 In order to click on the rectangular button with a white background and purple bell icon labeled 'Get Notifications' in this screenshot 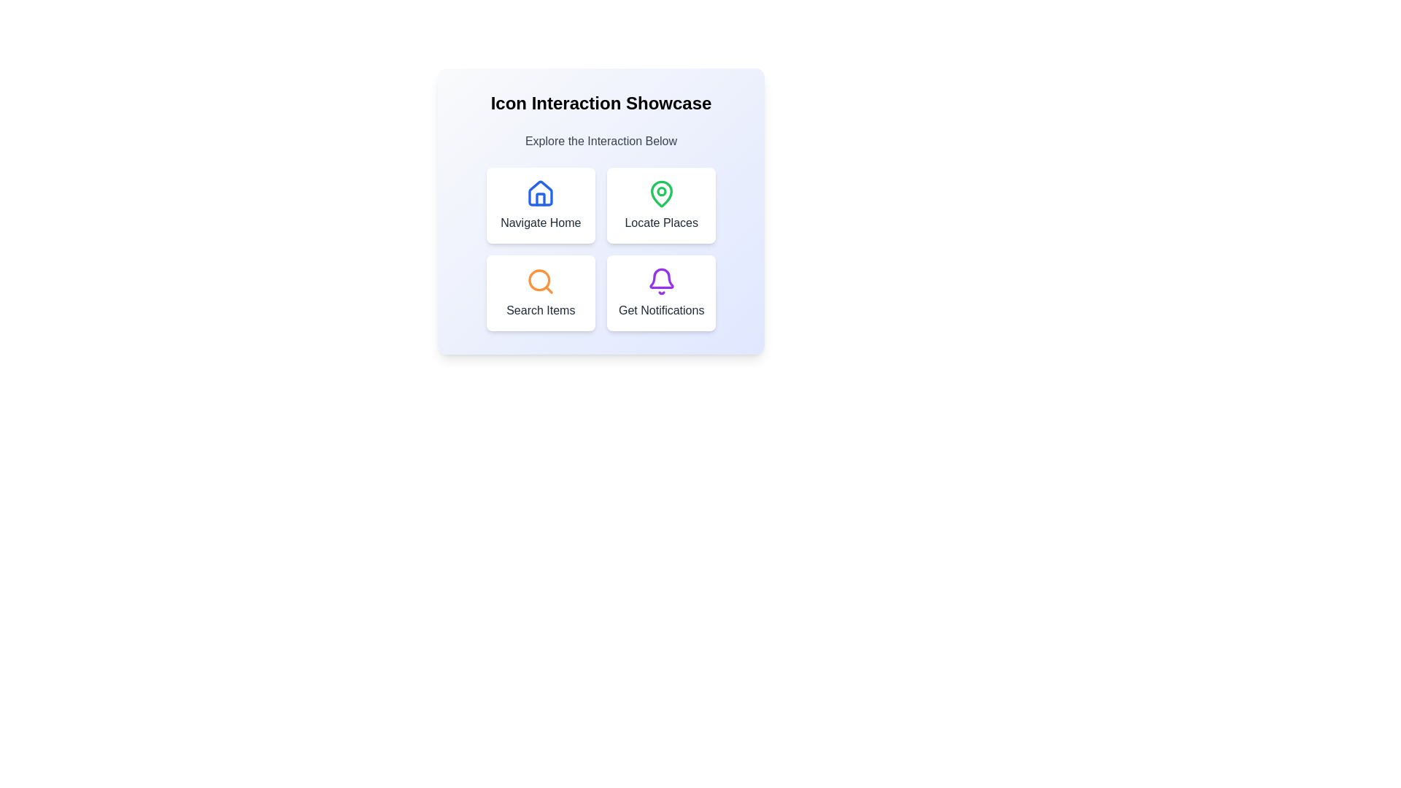, I will do `click(660, 293)`.